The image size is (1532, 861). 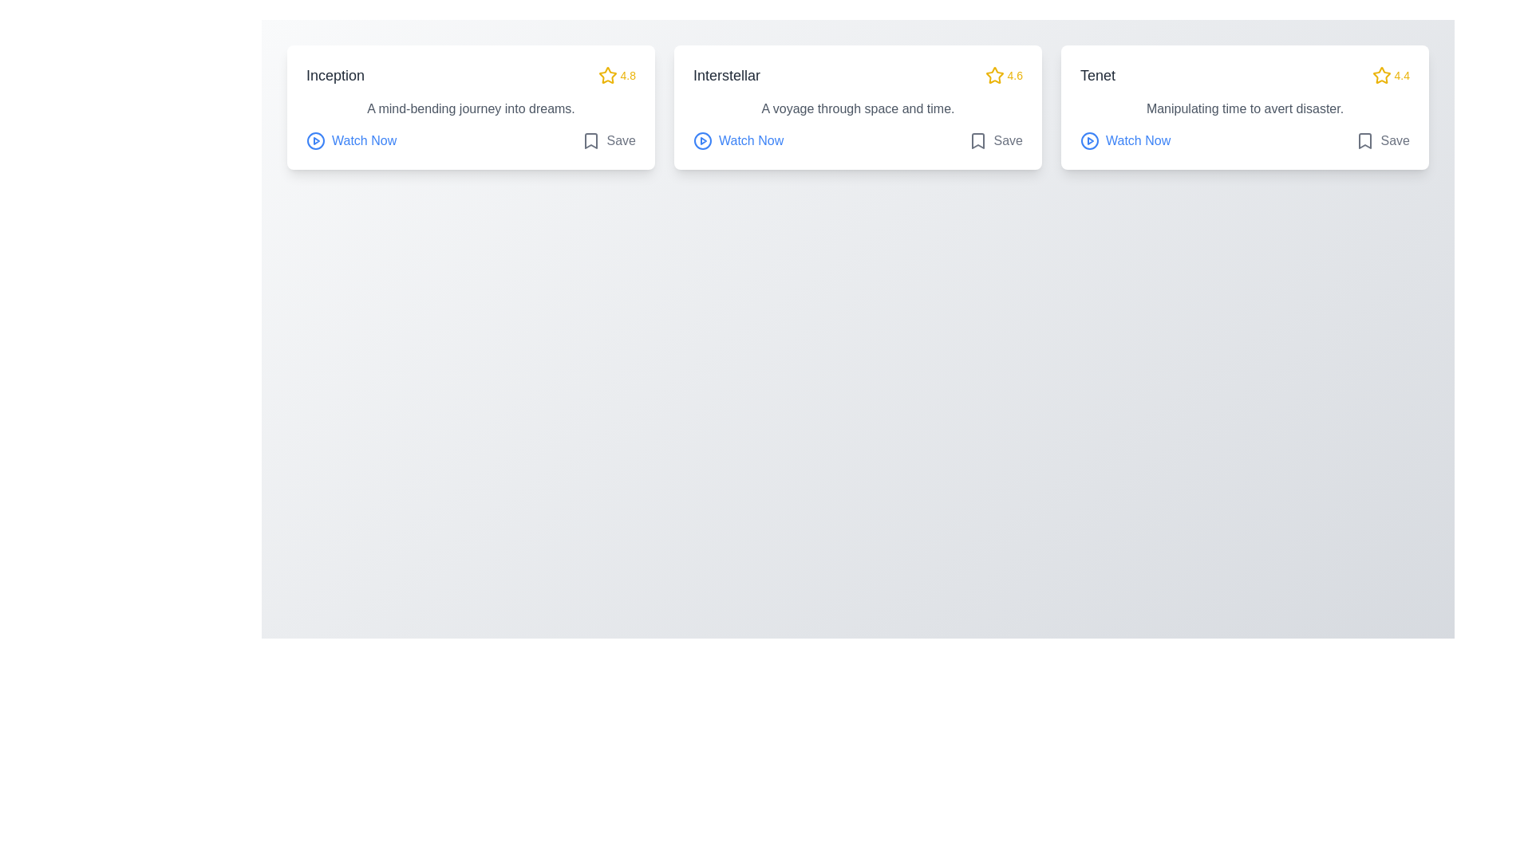 What do you see at coordinates (857, 140) in the screenshot?
I see `the 'Watch Now' button on the action bar located at the bottom of the 'Interstellar' card to initiate playback` at bounding box center [857, 140].